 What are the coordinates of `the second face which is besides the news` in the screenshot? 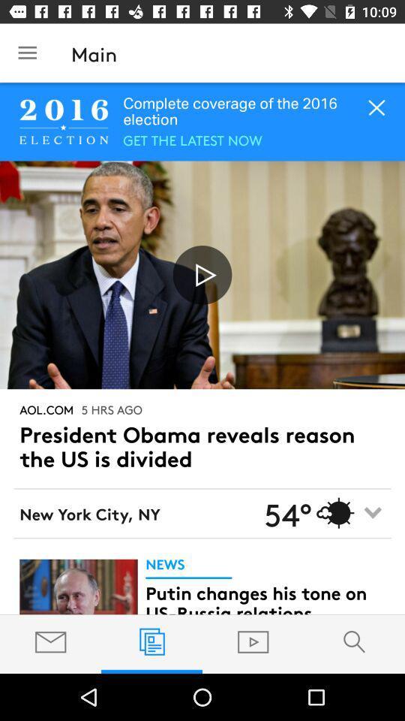 It's located at (78, 587).